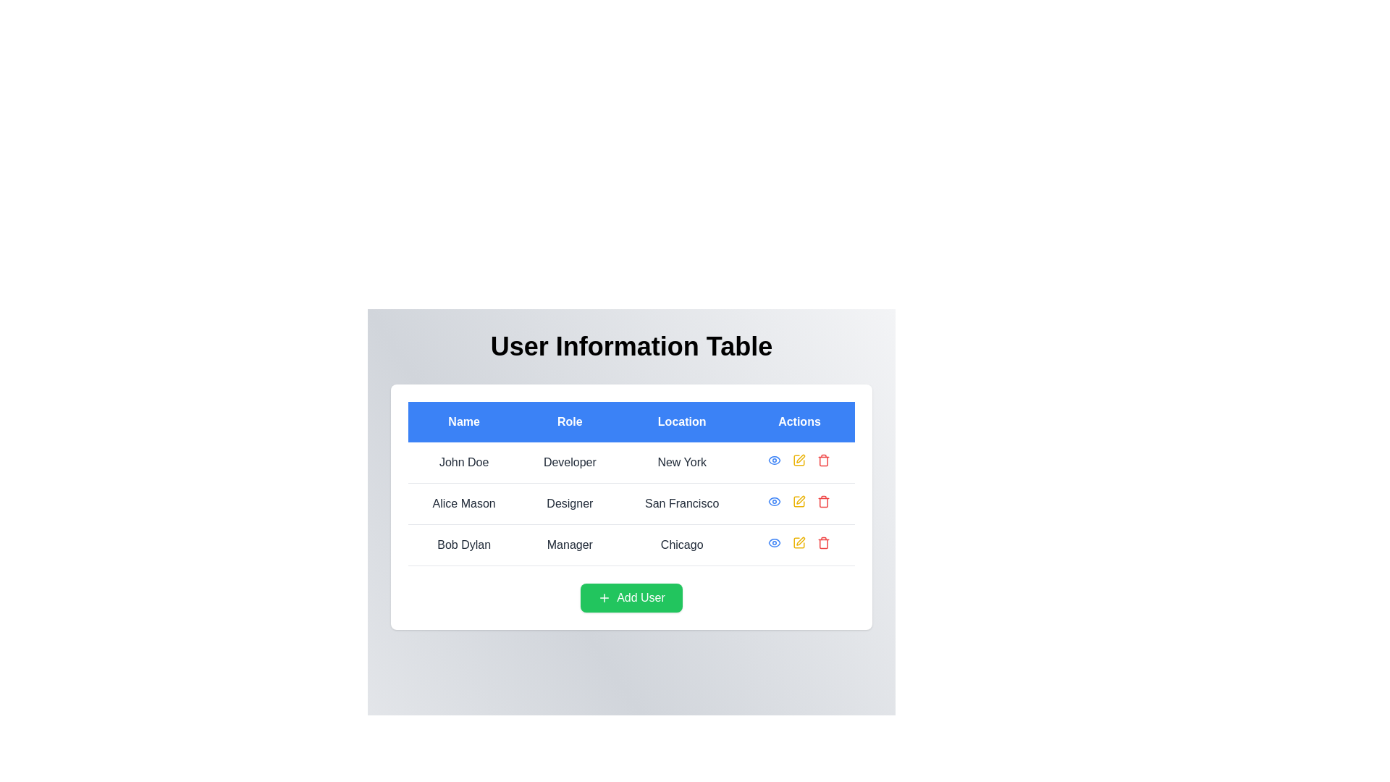 Image resolution: width=1390 pixels, height=782 pixels. Describe the element at coordinates (799, 501) in the screenshot. I see `the yellow pencil icon in the action buttons row for the user entry of Alice Mason` at that location.